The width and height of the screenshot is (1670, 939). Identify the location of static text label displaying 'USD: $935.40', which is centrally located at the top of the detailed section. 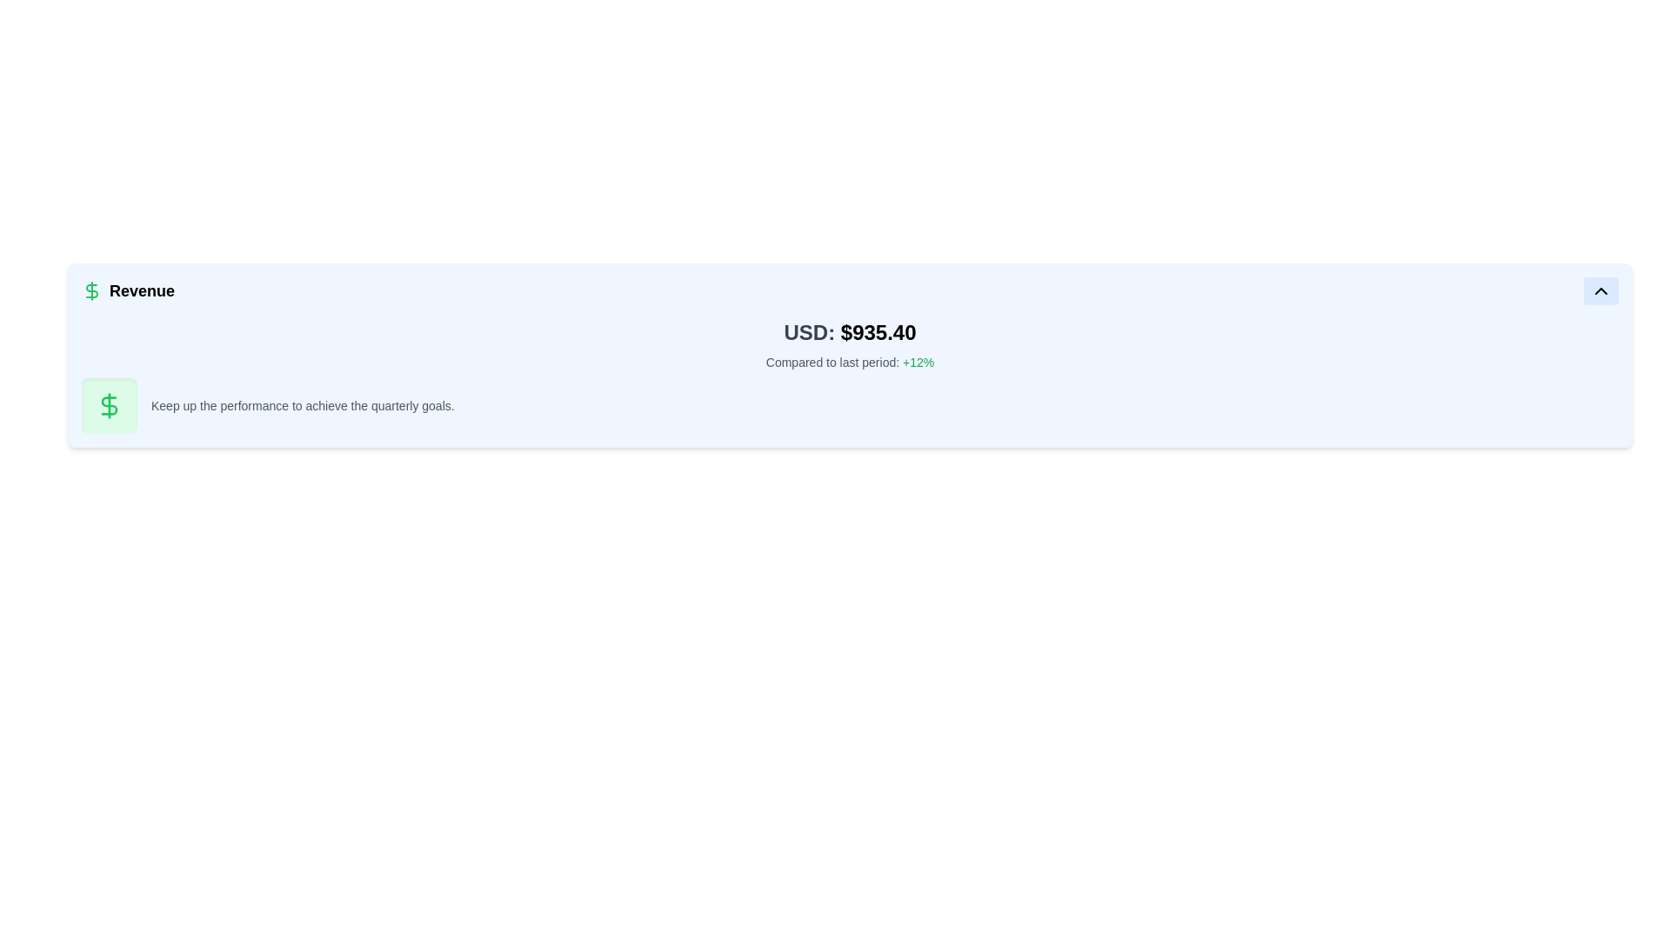
(850, 332).